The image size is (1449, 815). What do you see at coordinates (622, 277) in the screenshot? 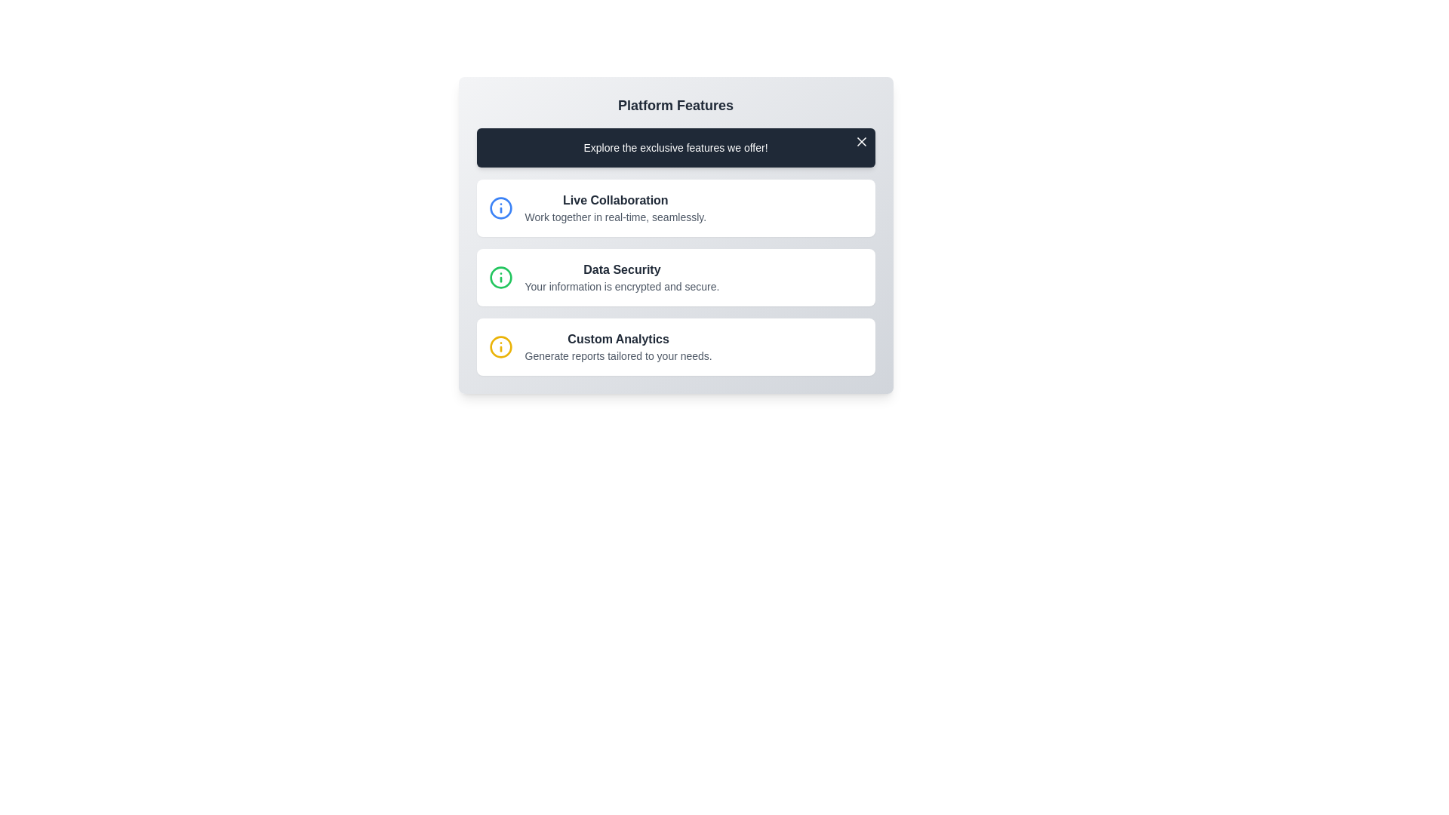
I see `the informational text block titled 'Data Security', which contains a description about encryption and security, located as the second item in the list of feature cards` at bounding box center [622, 277].